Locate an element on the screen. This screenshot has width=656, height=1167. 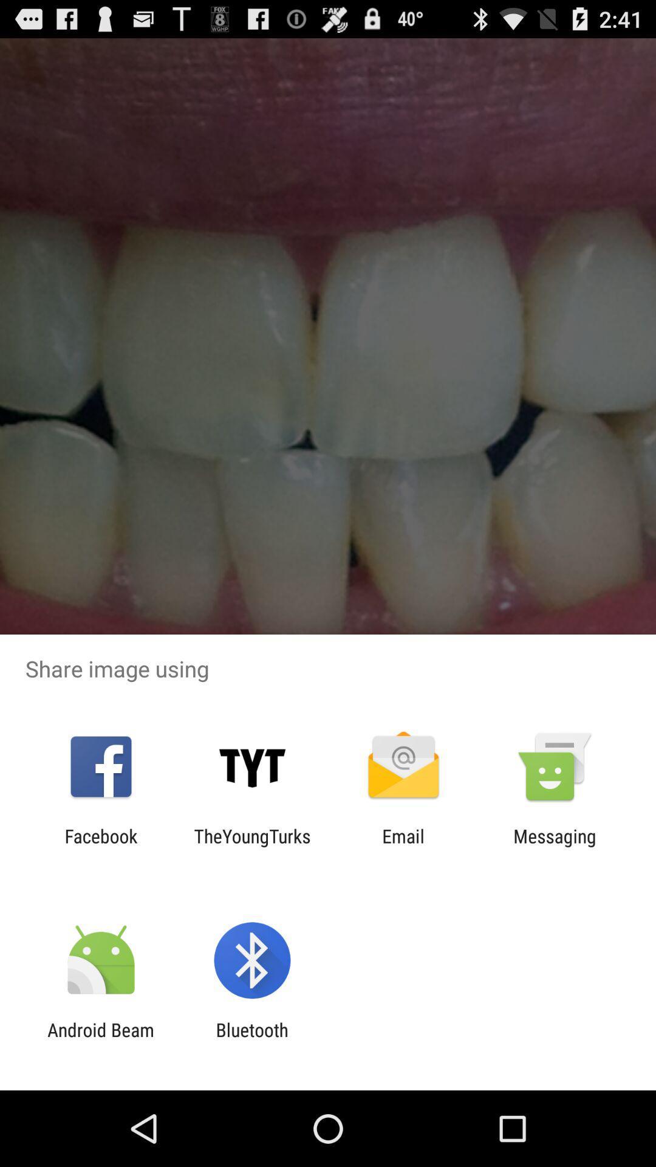
item to the right of facebook is located at coordinates (251, 846).